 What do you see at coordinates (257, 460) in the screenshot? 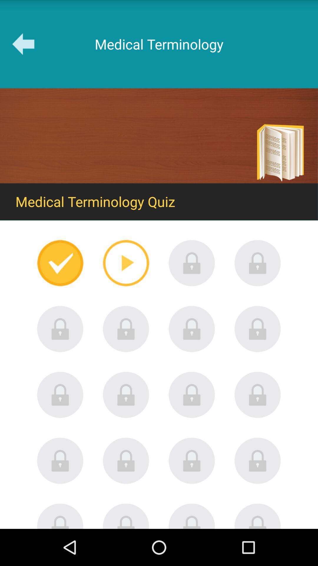
I see `locked until other games completed` at bounding box center [257, 460].